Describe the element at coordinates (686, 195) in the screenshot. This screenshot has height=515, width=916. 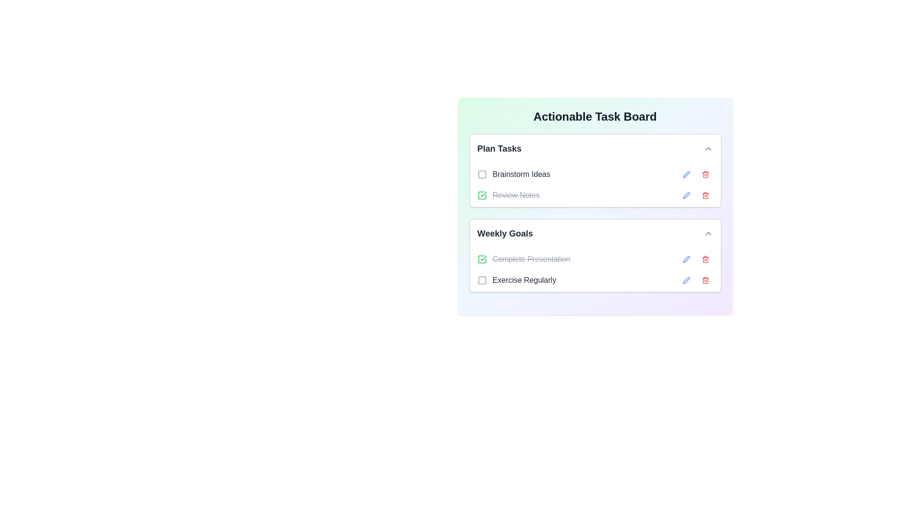
I see `the circular blue button with a pen icon in the center` at that location.